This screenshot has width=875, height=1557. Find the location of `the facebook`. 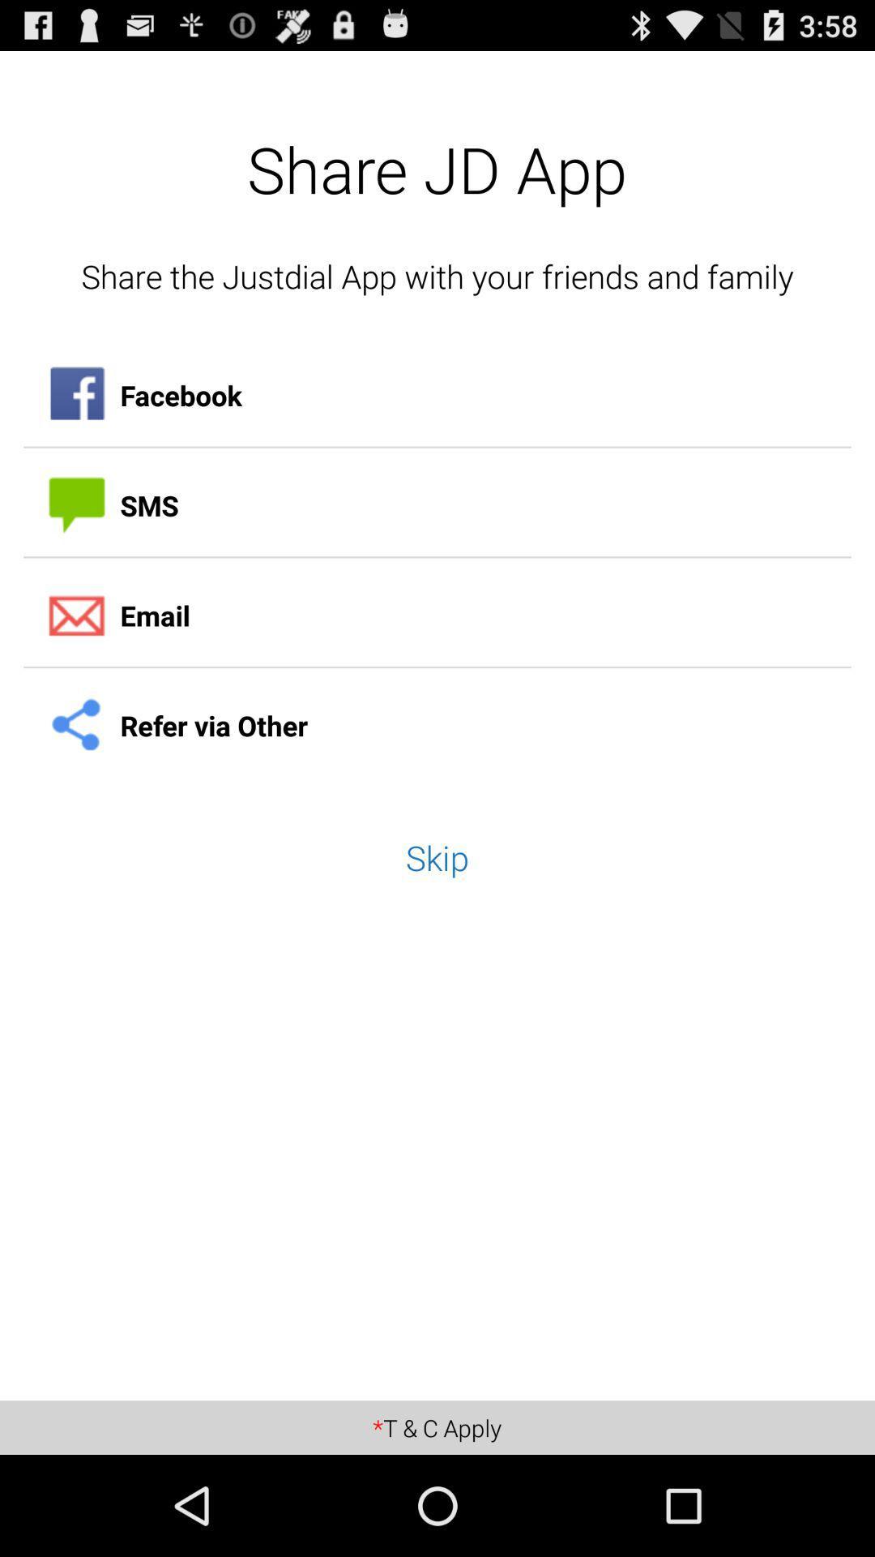

the facebook is located at coordinates (437, 395).